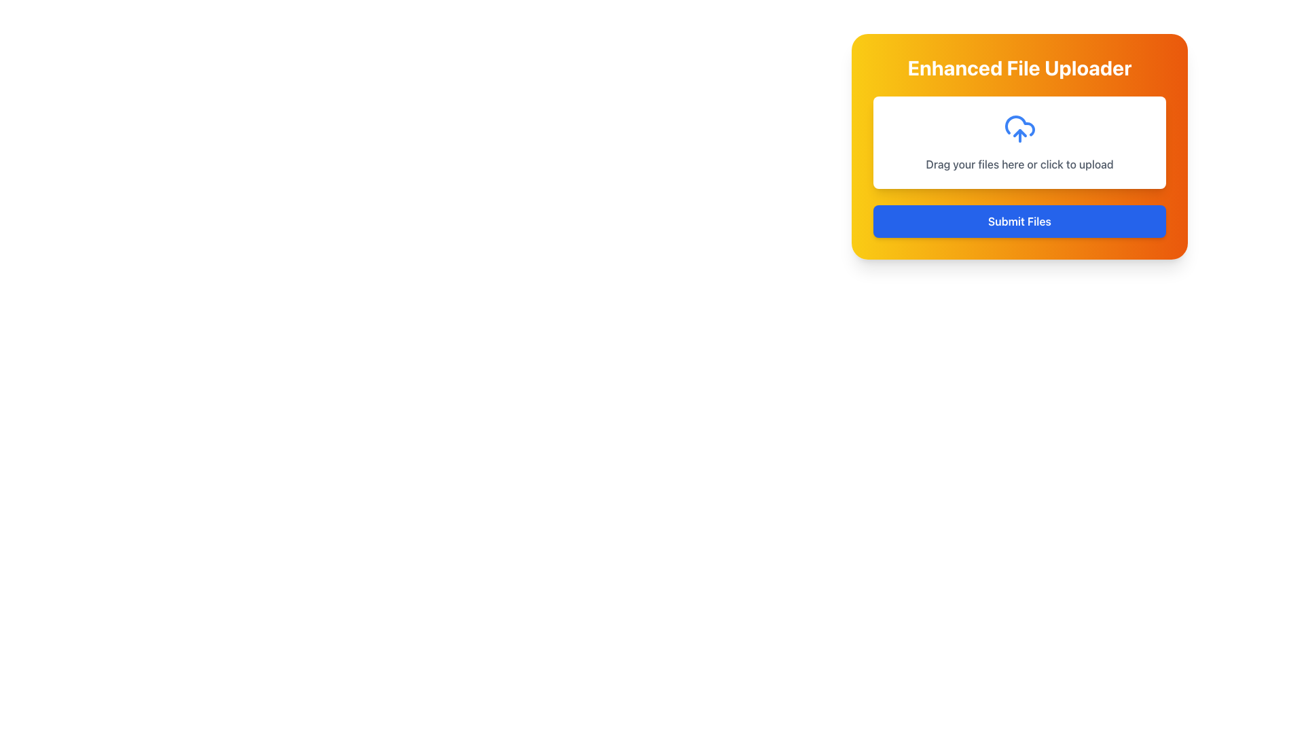 This screenshot has height=734, width=1304. What do you see at coordinates (1019, 142) in the screenshot?
I see `the File upload component, which has a white background, a blue upload icon, and the text 'Drag your files here or click to upload'` at bounding box center [1019, 142].